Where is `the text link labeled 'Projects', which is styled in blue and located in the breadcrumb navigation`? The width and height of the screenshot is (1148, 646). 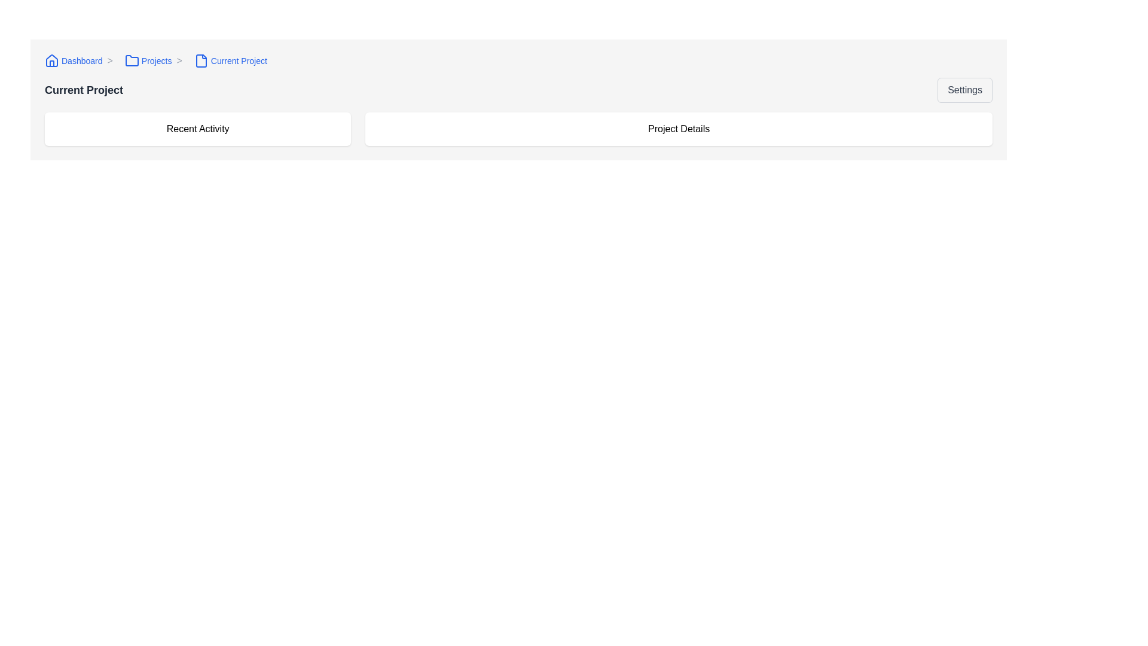 the text link labeled 'Projects', which is styled in blue and located in the breadcrumb navigation is located at coordinates (156, 60).